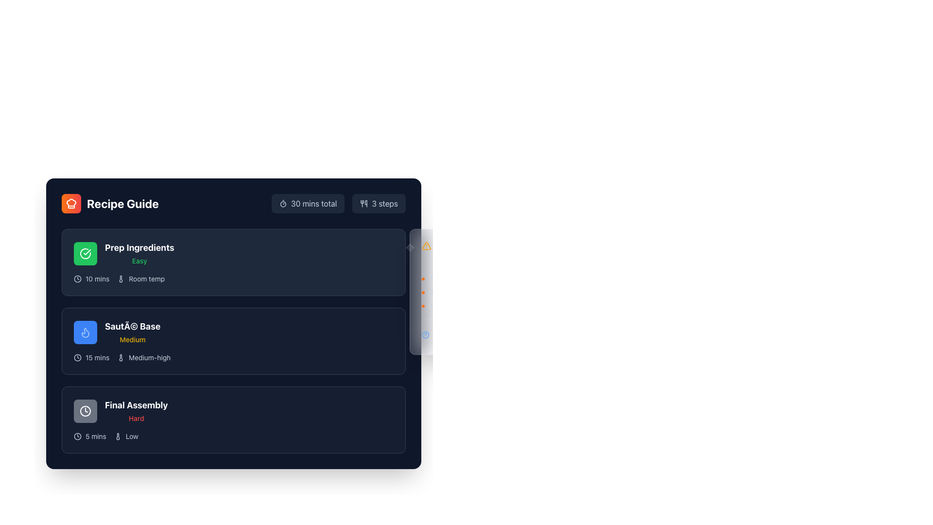 The height and width of the screenshot is (525, 933). Describe the element at coordinates (282, 203) in the screenshot. I see `the timer icon located to the left of the text '30 mins total' to associate it with its adjacent text` at that location.